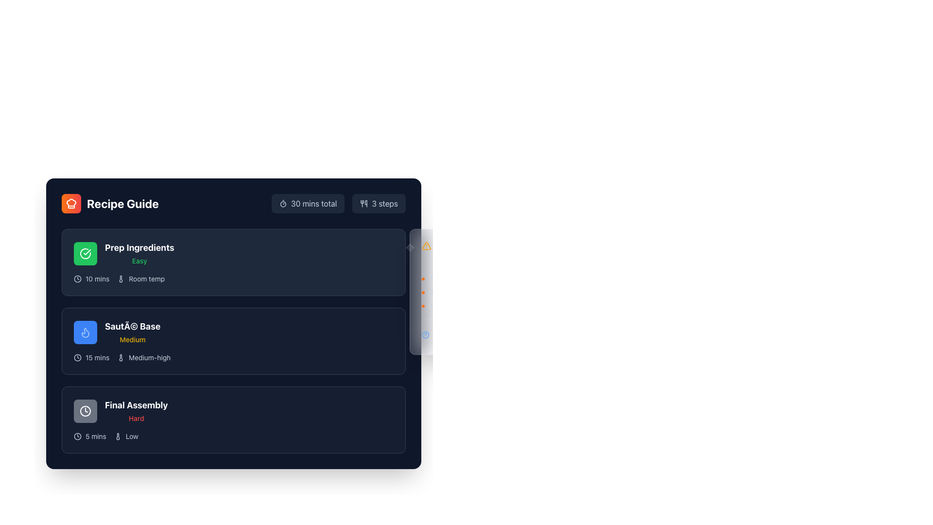 The height and width of the screenshot is (525, 933). Describe the element at coordinates (282, 203) in the screenshot. I see `the timer icon located to the left of the text '30 mins total' to associate it with its adjacent text` at that location.